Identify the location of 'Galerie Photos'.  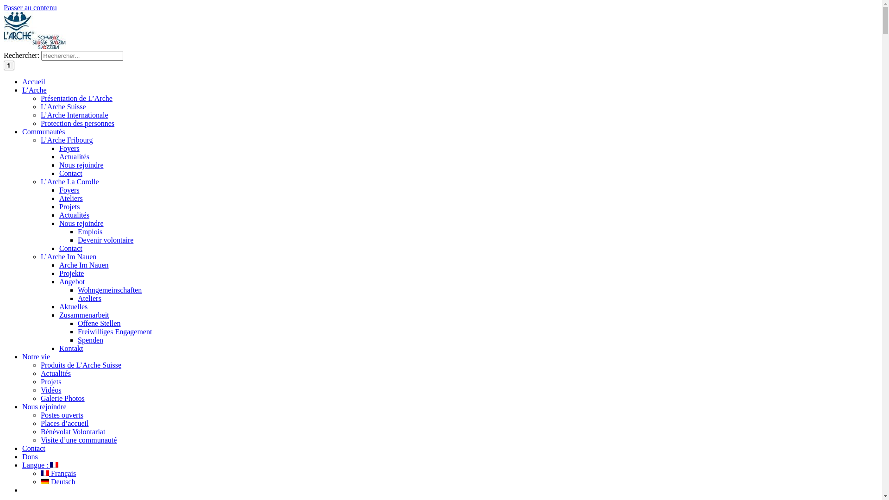
(62, 398).